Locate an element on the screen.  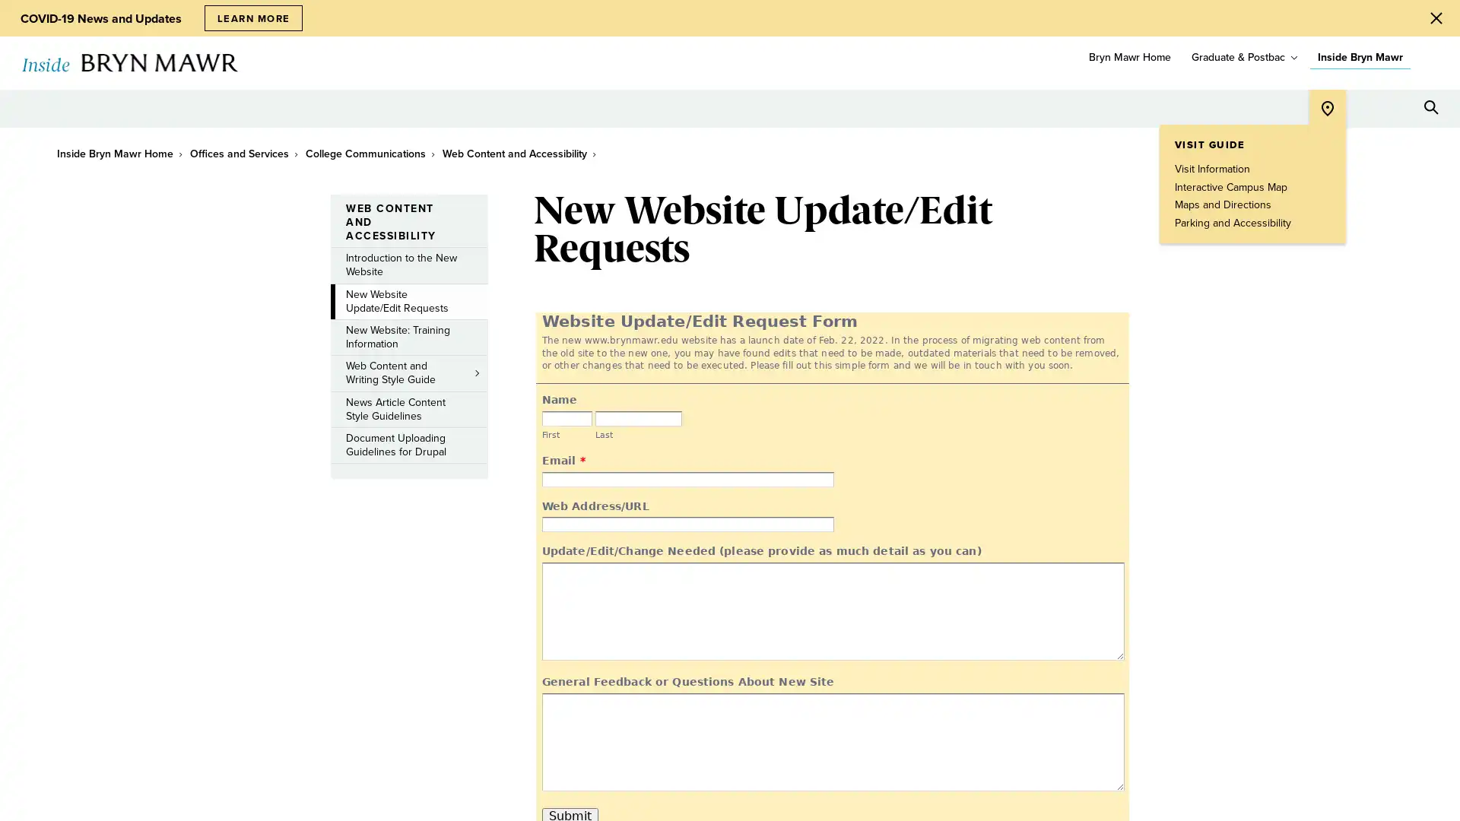
Search is located at coordinates (1430, 106).